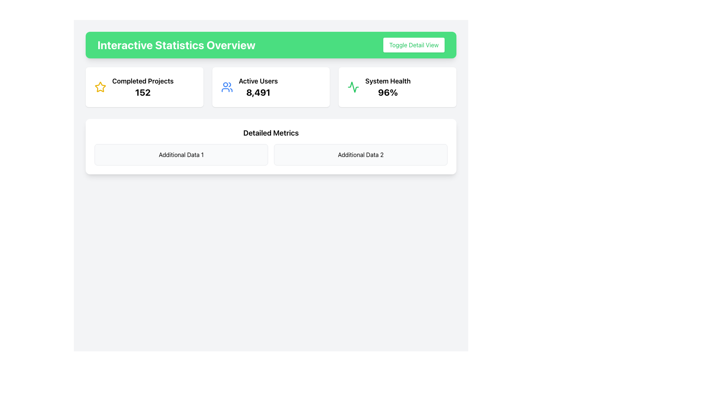 This screenshot has width=709, height=399. I want to click on the 'Active Users' icon located at the top-left corner of the 'Active Users' card, so click(226, 86).